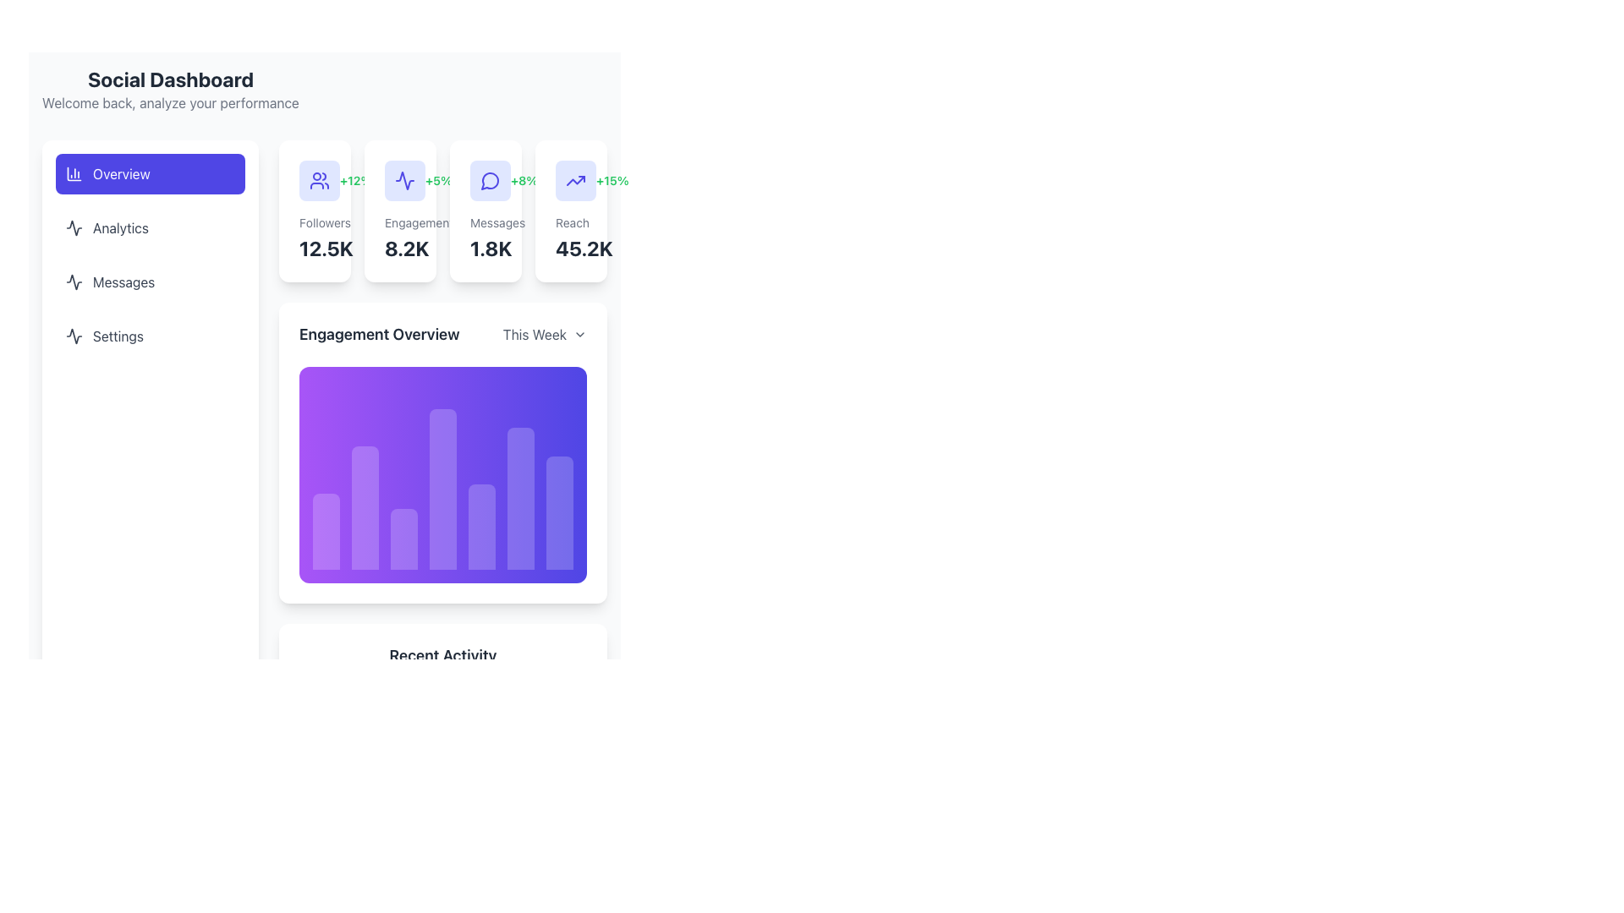  What do you see at coordinates (170, 89) in the screenshot?
I see `text content 'Social Dashboard' and 'Welcome back, analyze your performance' located prominently at the top left of the page` at bounding box center [170, 89].